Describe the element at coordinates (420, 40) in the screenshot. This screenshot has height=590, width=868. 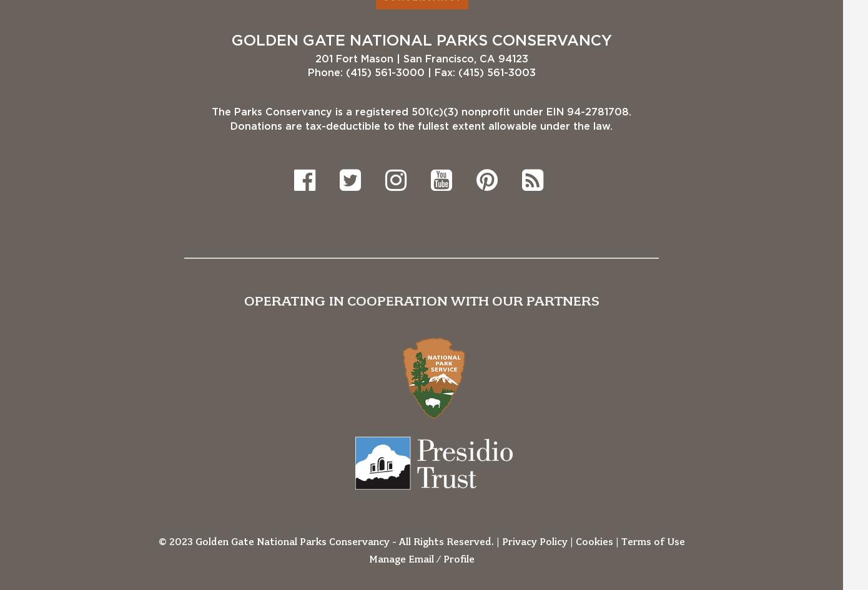
I see `'Golden Gate National Parks Conservancy'` at that location.